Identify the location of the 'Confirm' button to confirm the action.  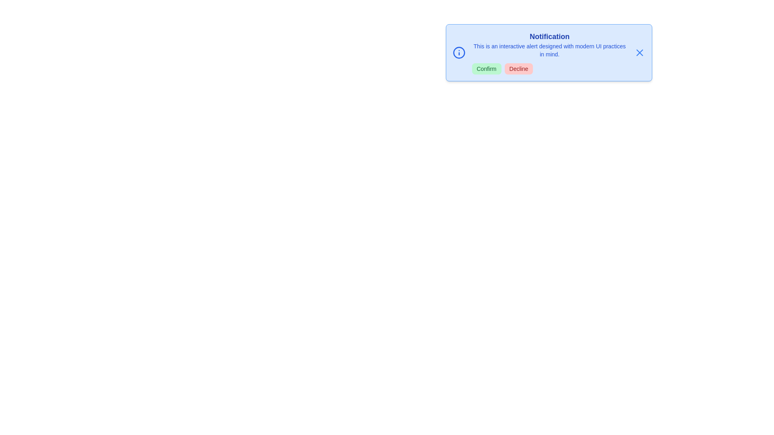
(486, 68).